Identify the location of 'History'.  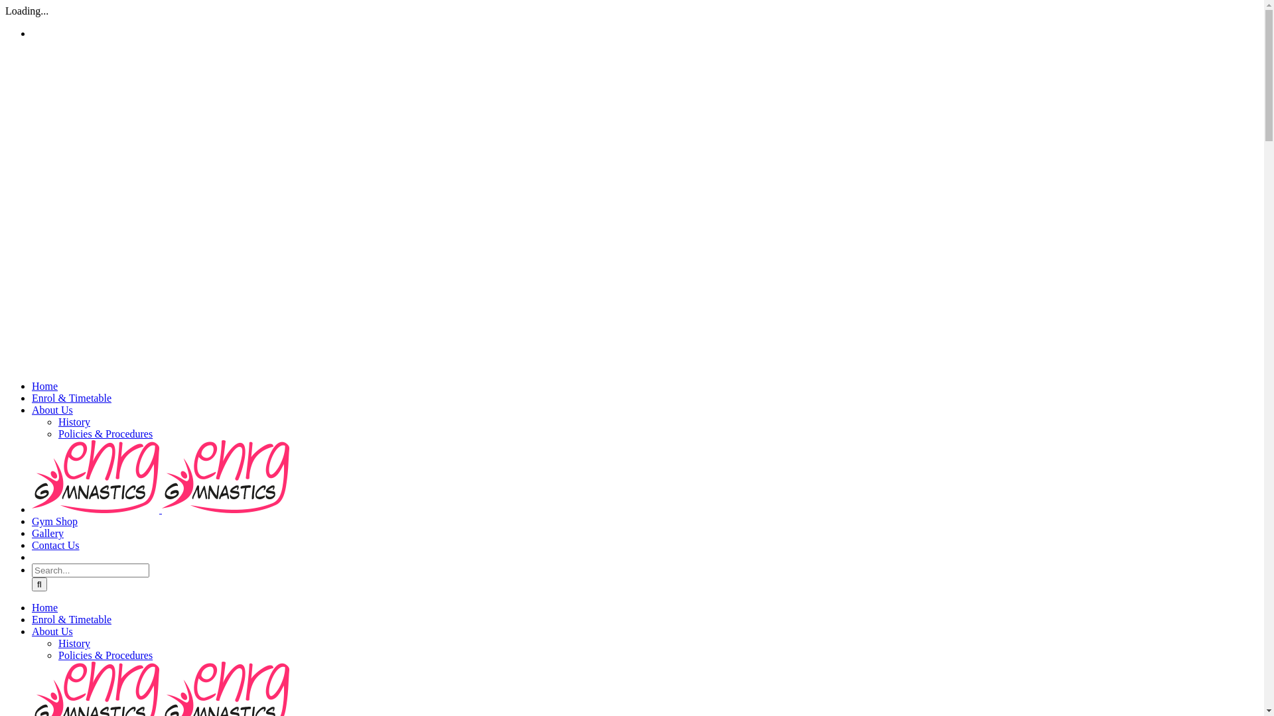
(73, 422).